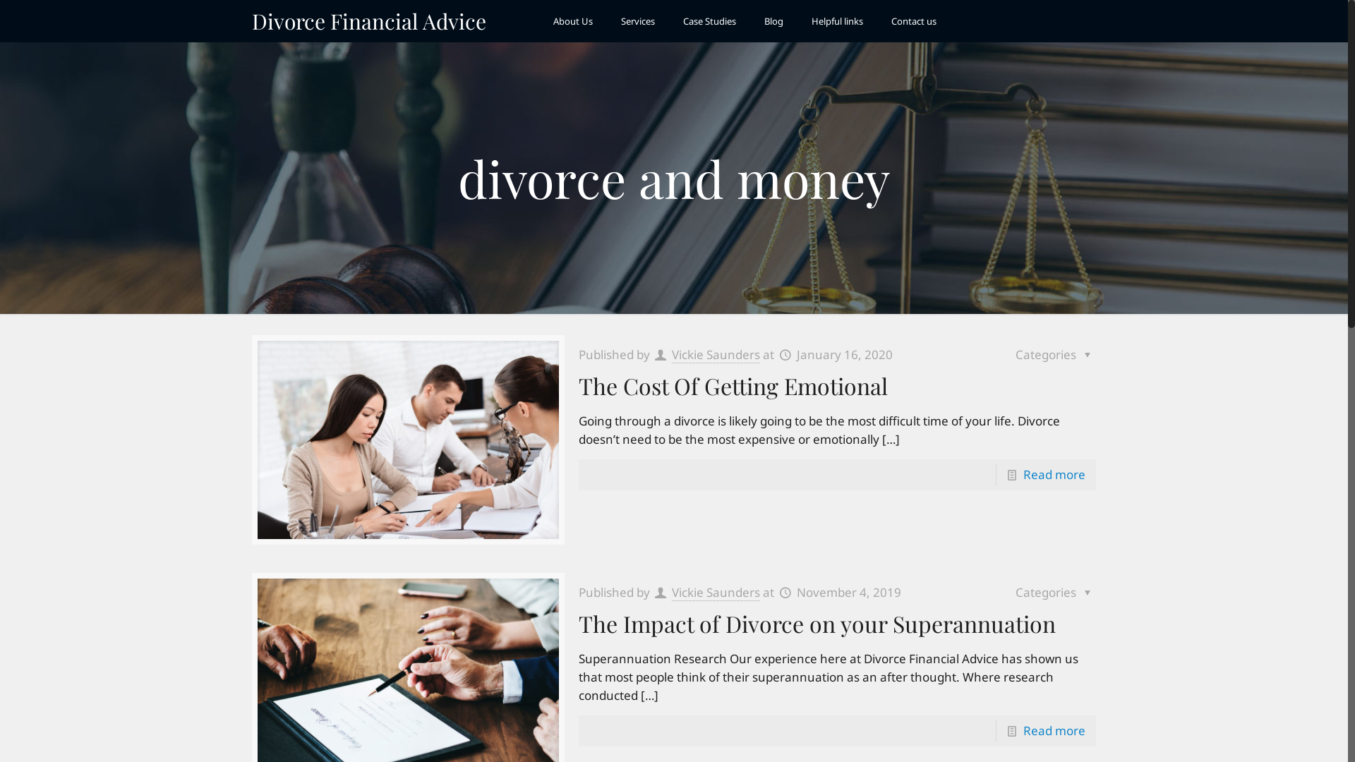 The width and height of the screenshot is (1355, 762). I want to click on 'natalieb@privatewealthpartners.com.au', so click(996, 641).